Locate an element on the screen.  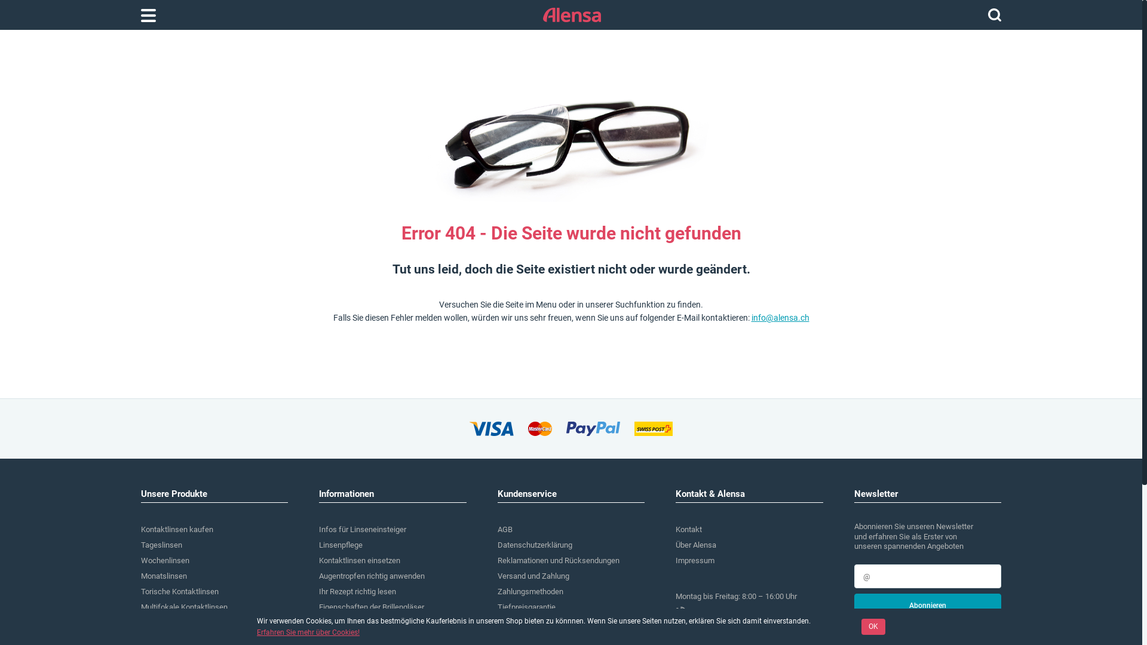
'Nein danke, ich will kein Geld sparen.' is located at coordinates (916, 626).